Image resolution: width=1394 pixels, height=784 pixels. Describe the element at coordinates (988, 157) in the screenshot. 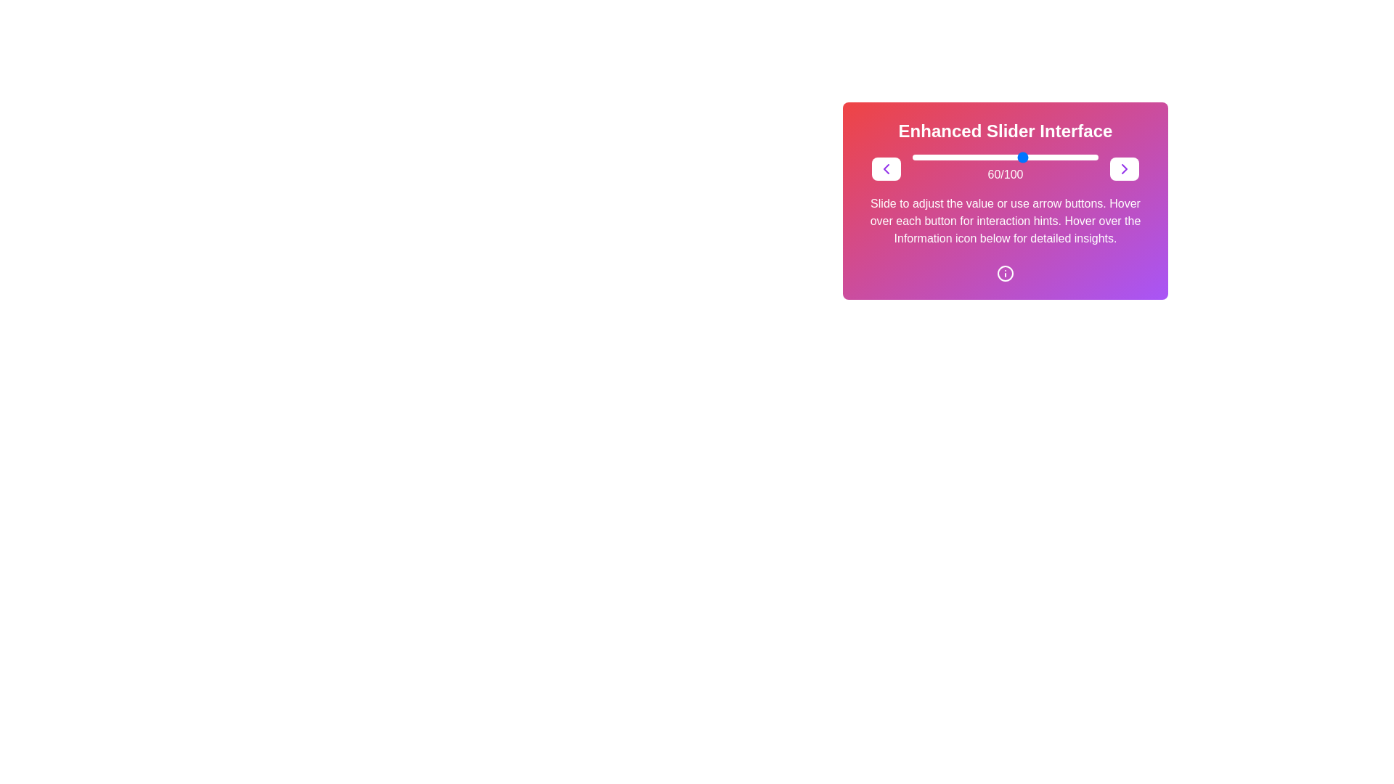

I see `the slider` at that location.